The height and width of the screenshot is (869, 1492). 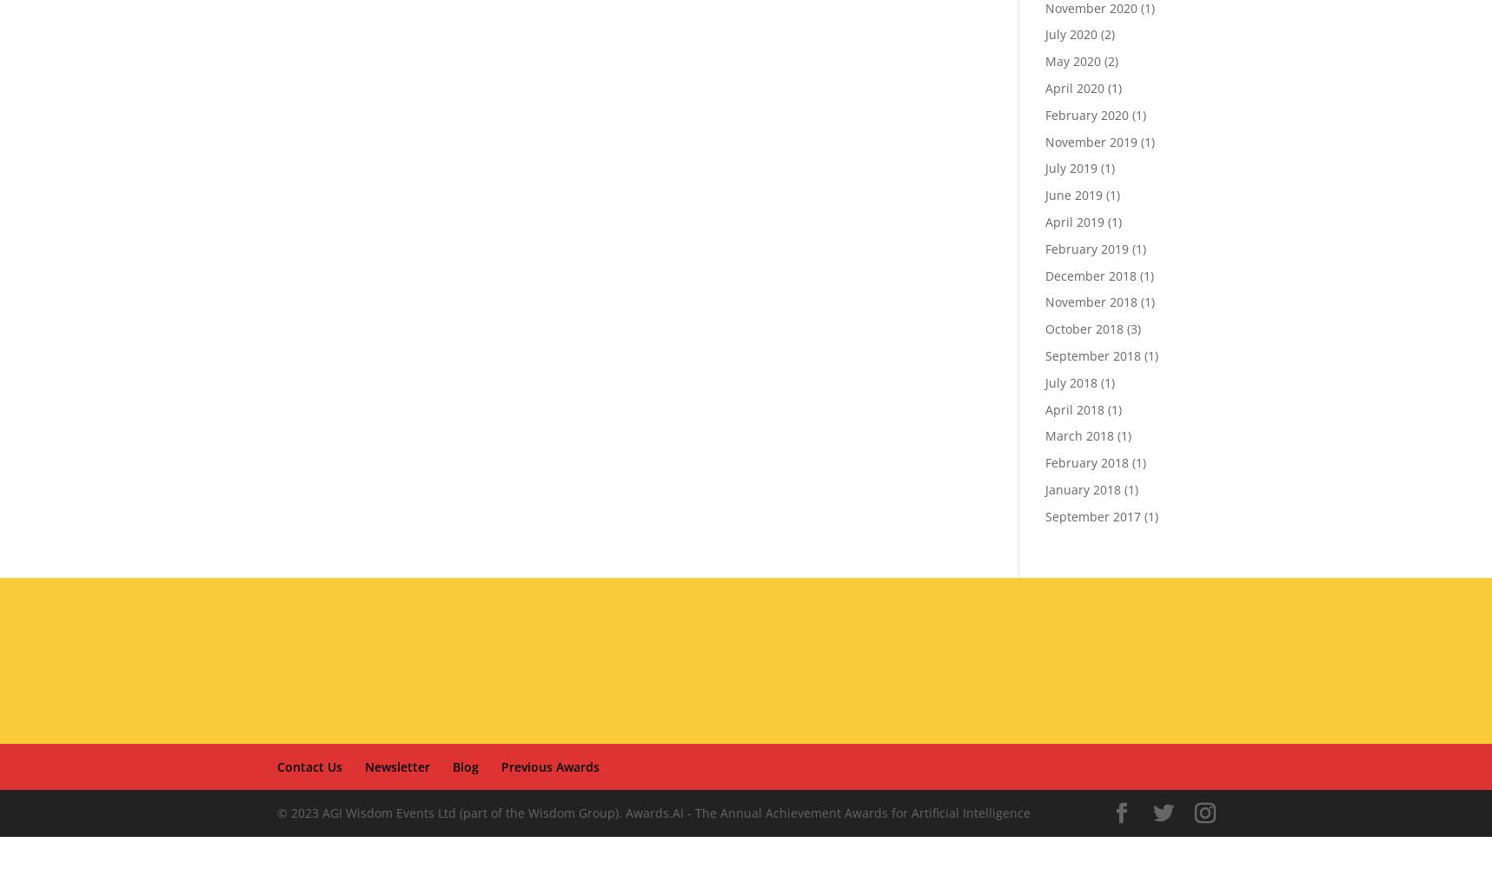 What do you see at coordinates (1070, 34) in the screenshot?
I see `'July 2020'` at bounding box center [1070, 34].